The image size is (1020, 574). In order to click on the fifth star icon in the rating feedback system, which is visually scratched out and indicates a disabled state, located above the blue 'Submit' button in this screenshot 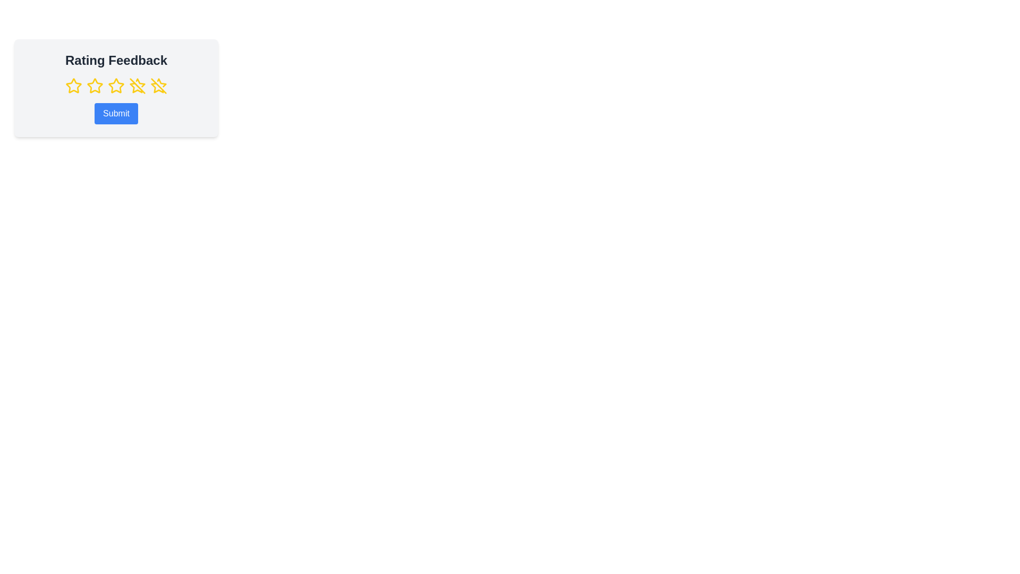, I will do `click(157, 87)`.